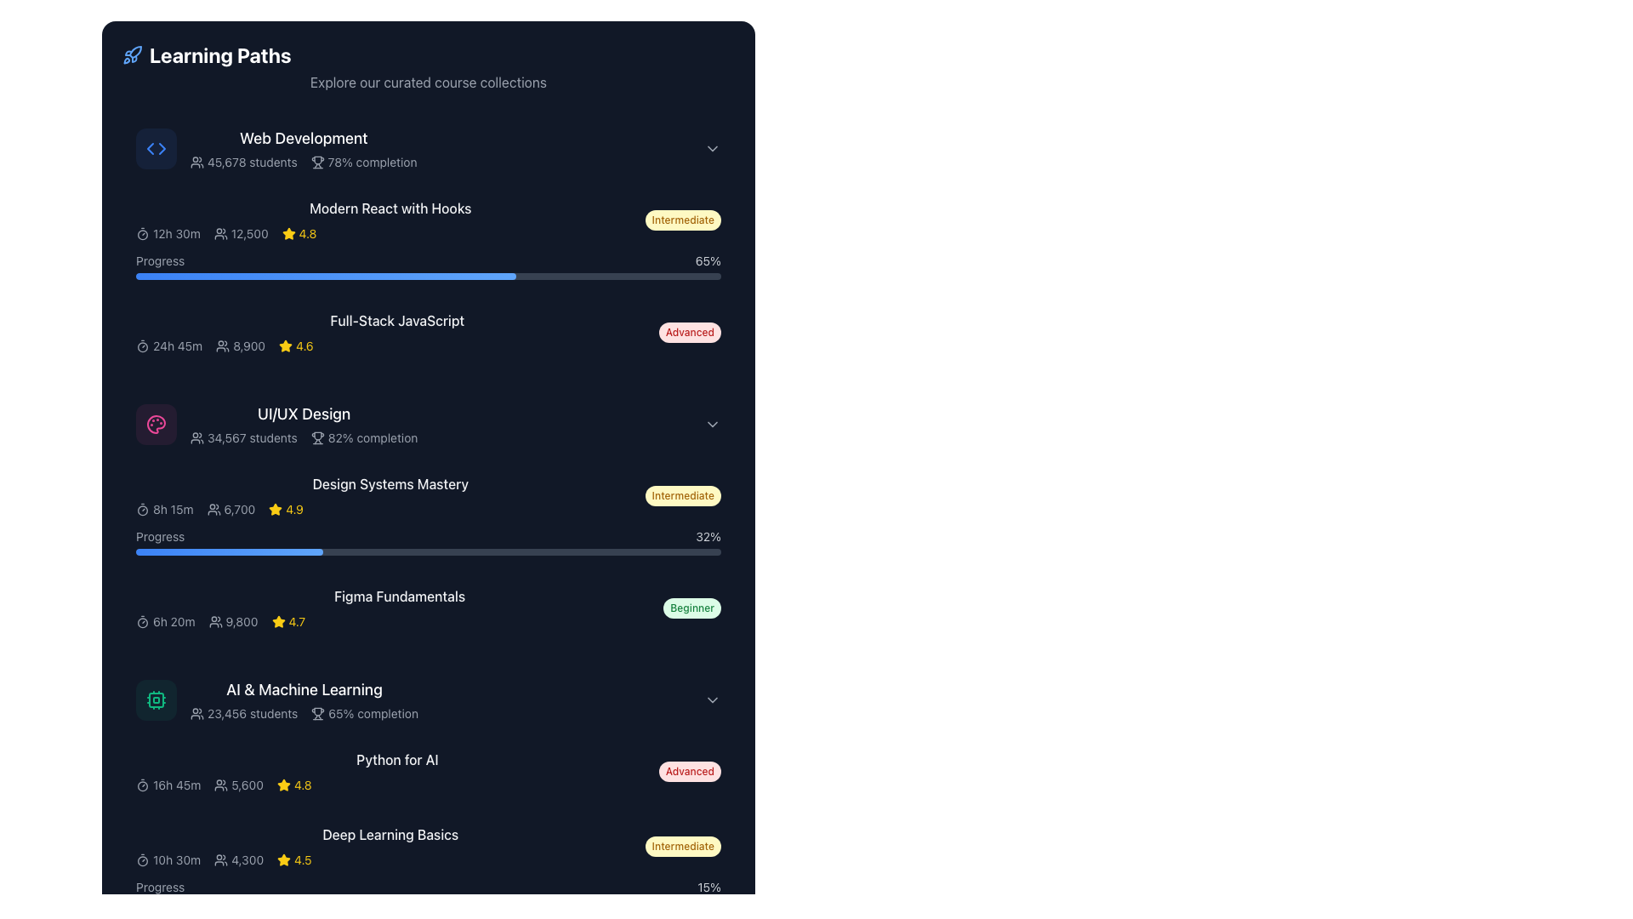  Describe the element at coordinates (238, 859) in the screenshot. I see `the Text Label displaying the number of students enrolled in the 'Deep Learning Basics' course, located between the course duration and rating in the middle section of the UI` at that location.